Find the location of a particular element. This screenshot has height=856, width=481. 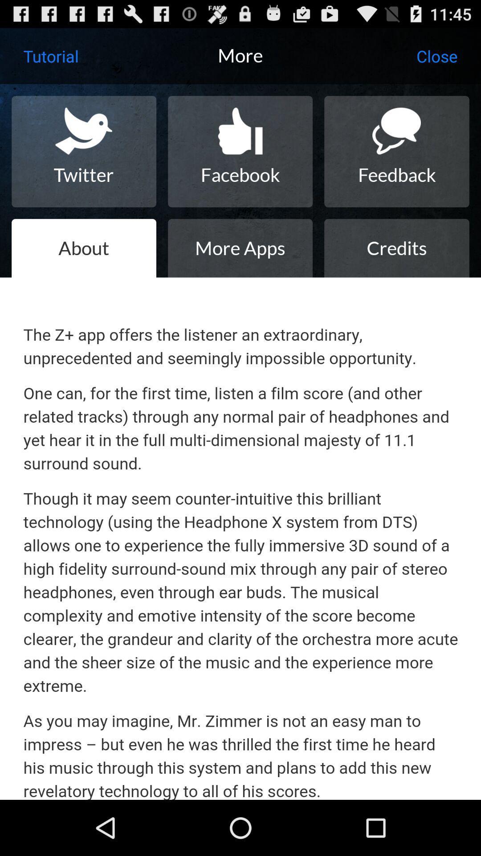

item next to the more apps icon is located at coordinates (396, 248).